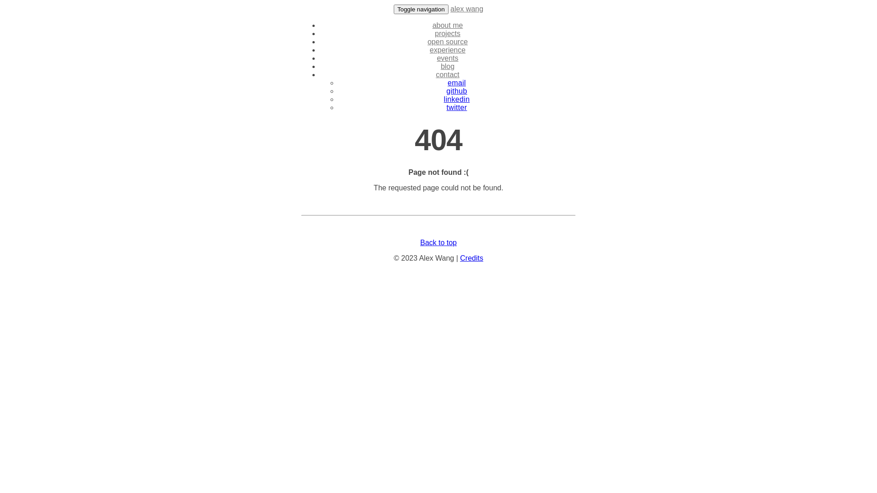 This screenshot has height=493, width=877. What do you see at coordinates (450, 9) in the screenshot?
I see `'alex wang'` at bounding box center [450, 9].